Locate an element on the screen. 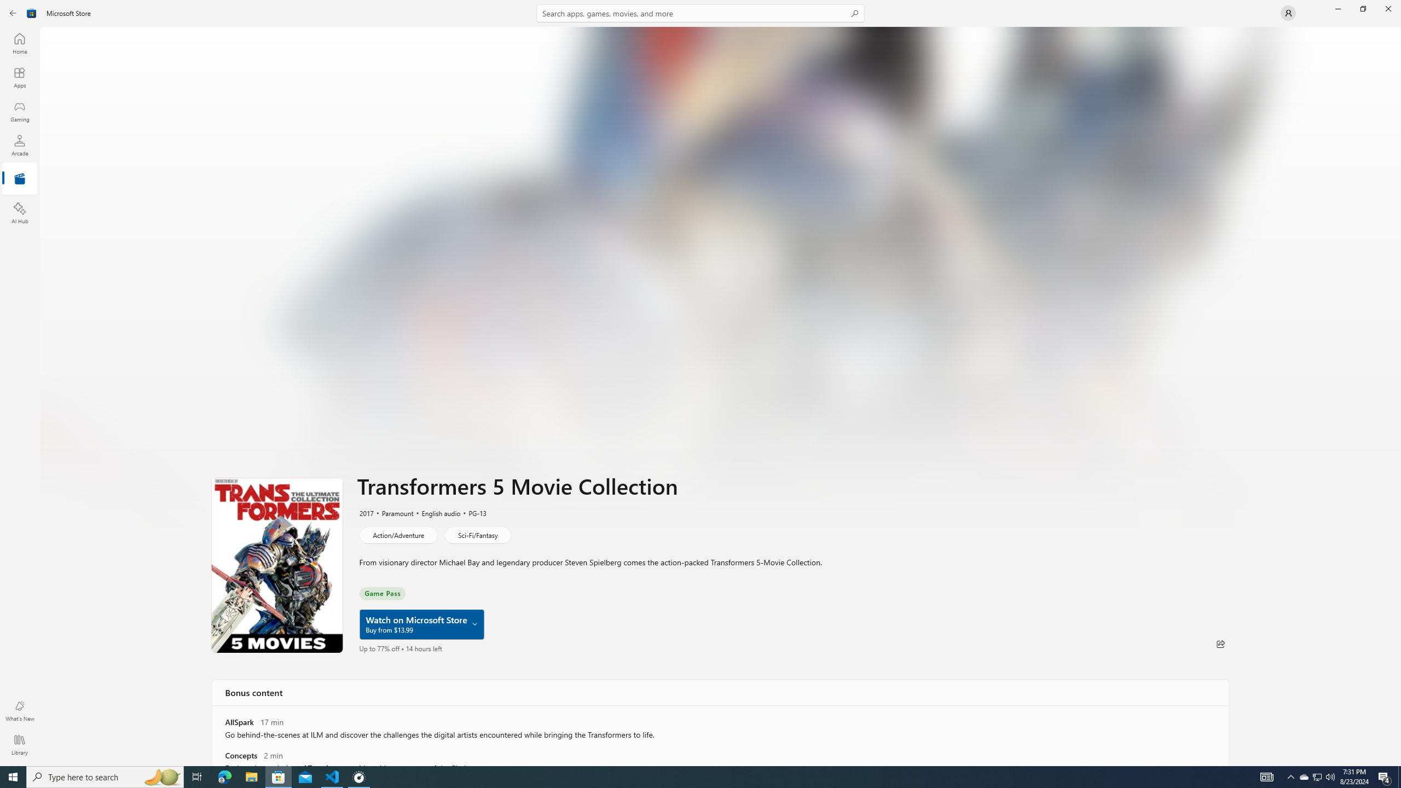 This screenshot has height=788, width=1401. 'Restore Microsoft Store' is located at coordinates (1363, 8).